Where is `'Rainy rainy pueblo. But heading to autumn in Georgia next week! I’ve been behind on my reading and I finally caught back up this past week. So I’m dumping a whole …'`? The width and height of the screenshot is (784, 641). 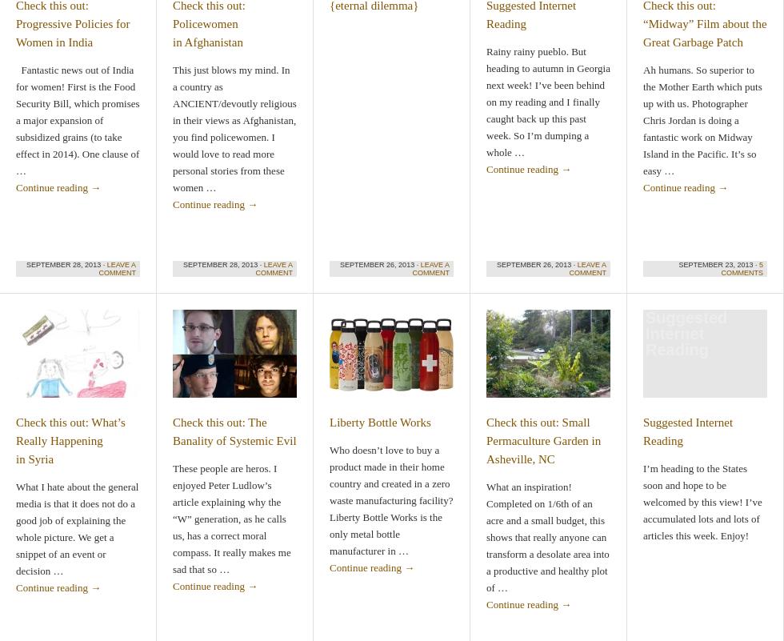 'Rainy rainy pueblo. But heading to autumn in Georgia next week! I’ve been behind on my reading and I finally caught back up this past week. So I’m dumping a whole …' is located at coordinates (548, 101).